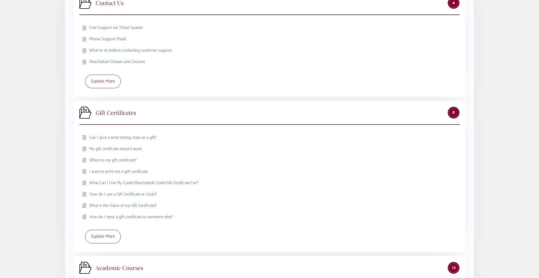 The width and height of the screenshot is (539, 278). What do you see at coordinates (453, 267) in the screenshot?
I see `'12'` at bounding box center [453, 267].